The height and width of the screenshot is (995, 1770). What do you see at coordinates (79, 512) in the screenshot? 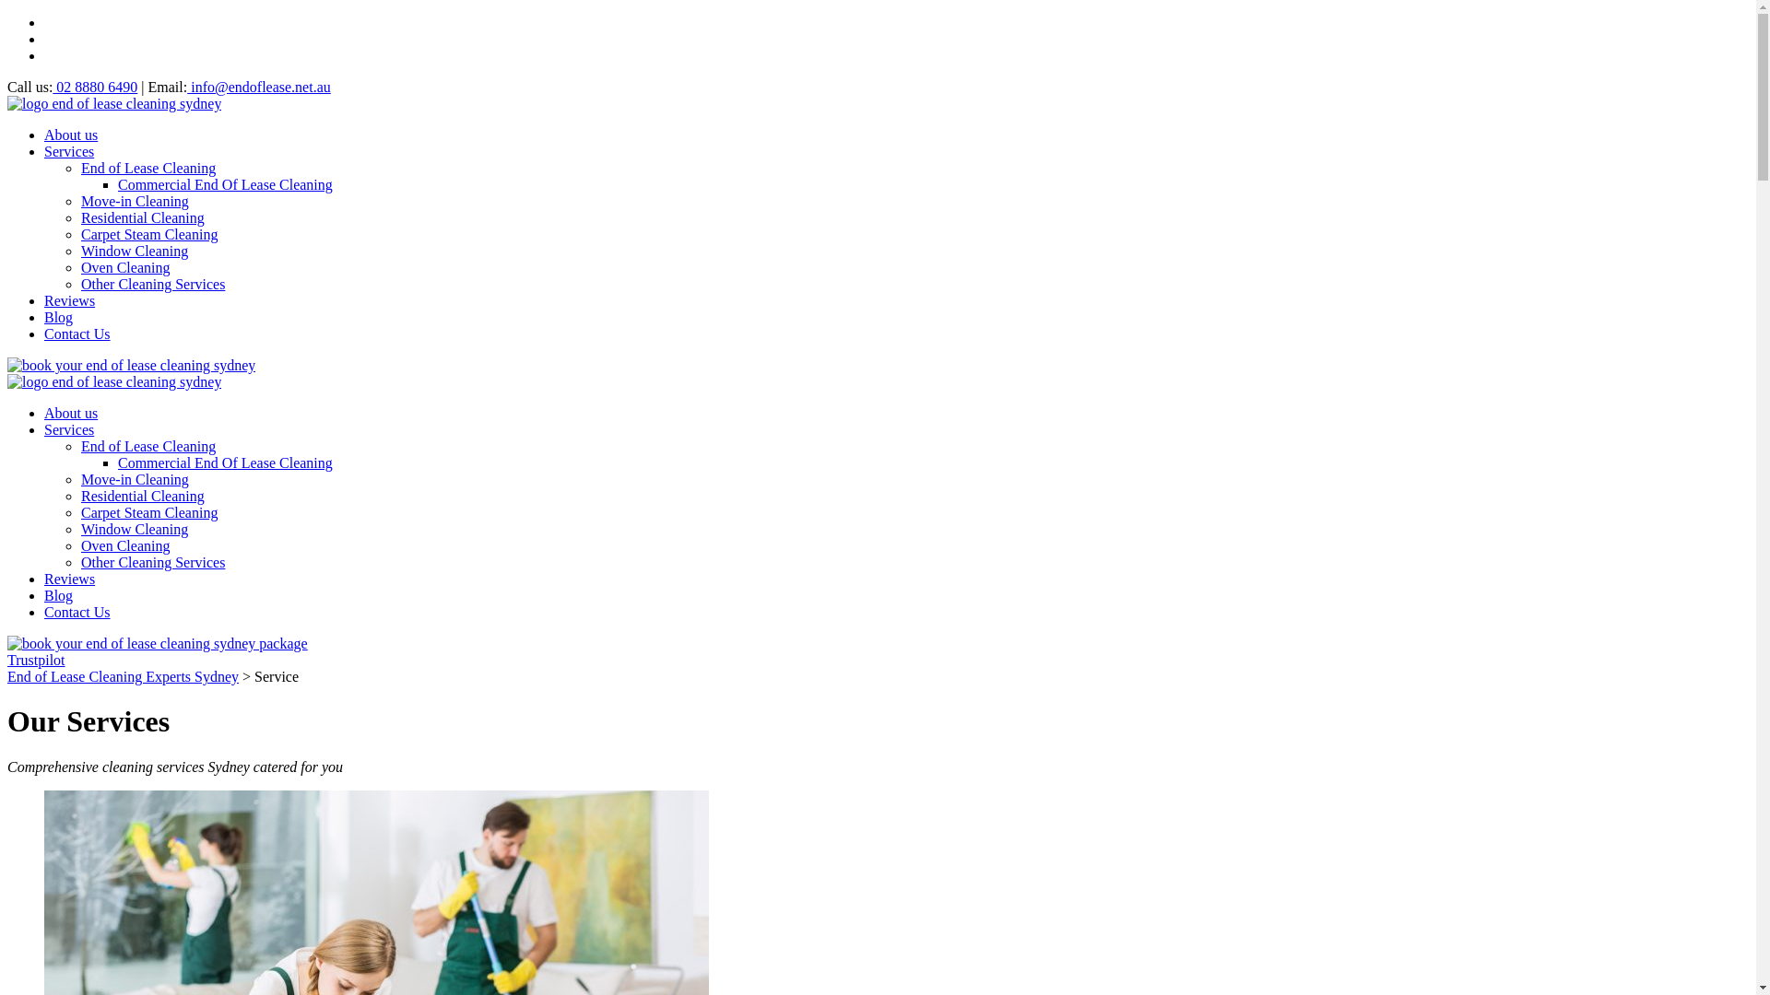
I see `'Carpet Steam Cleaning'` at bounding box center [79, 512].